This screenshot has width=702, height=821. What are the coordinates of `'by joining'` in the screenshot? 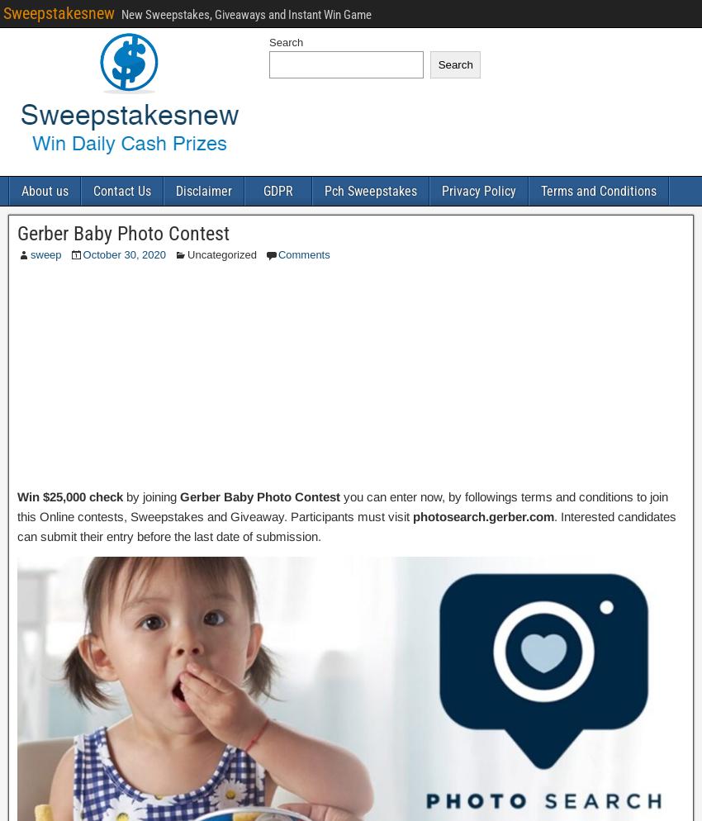 It's located at (149, 496).